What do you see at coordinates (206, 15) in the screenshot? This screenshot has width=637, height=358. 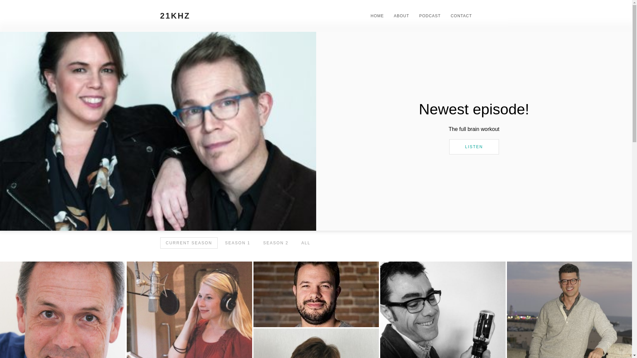 I see `'21KHZ'` at bounding box center [206, 15].